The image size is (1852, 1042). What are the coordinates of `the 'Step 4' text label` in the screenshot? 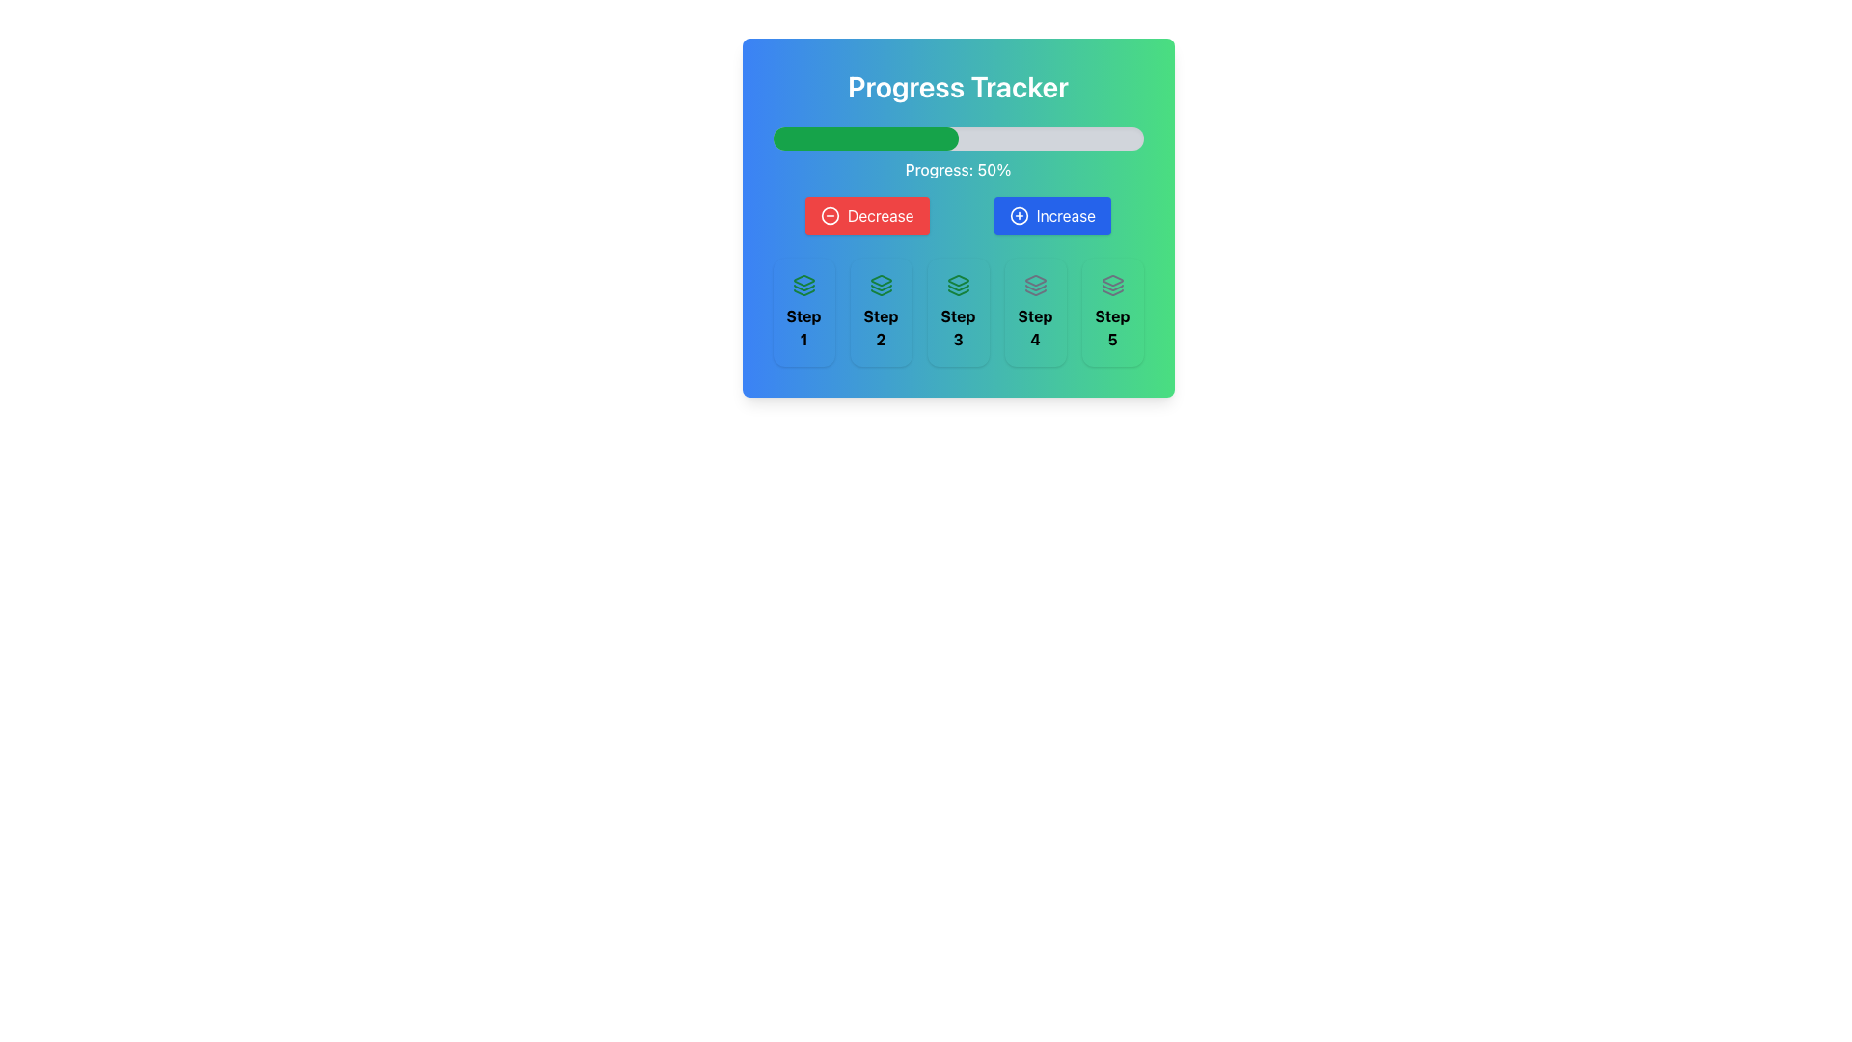 It's located at (1034, 326).